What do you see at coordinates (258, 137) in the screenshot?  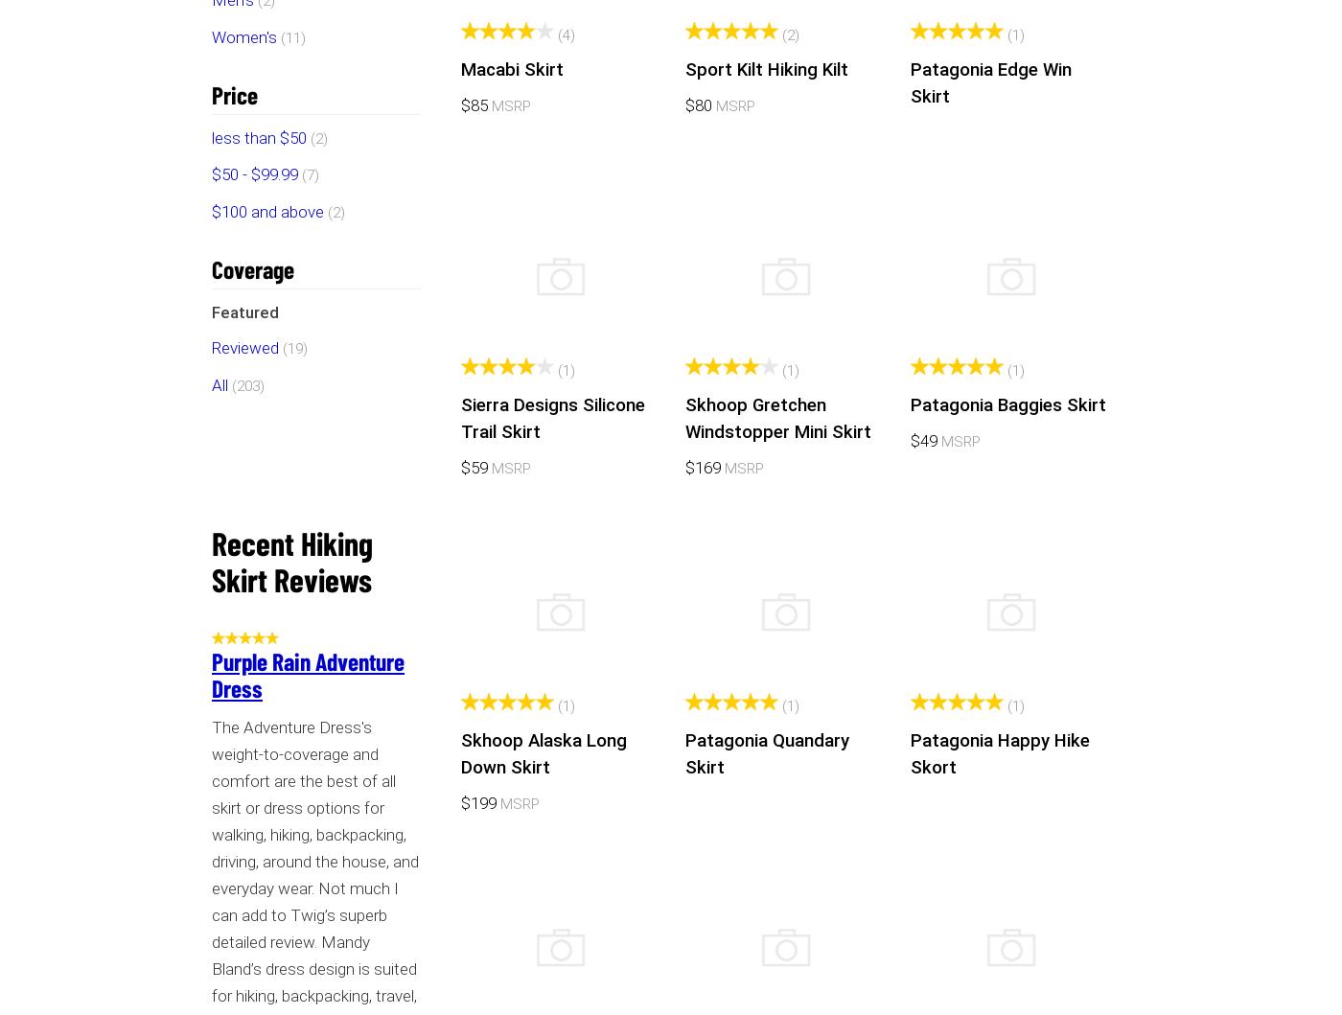 I see `'less than $50'` at bounding box center [258, 137].